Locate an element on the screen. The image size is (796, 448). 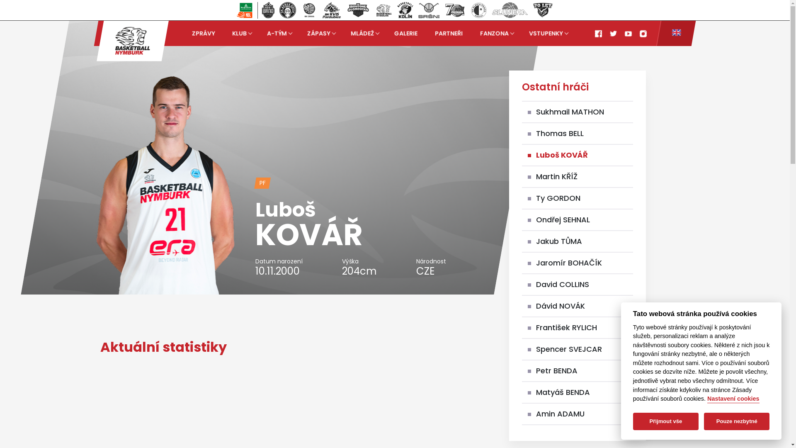
'VSTUPENKY' is located at coordinates (547, 33).